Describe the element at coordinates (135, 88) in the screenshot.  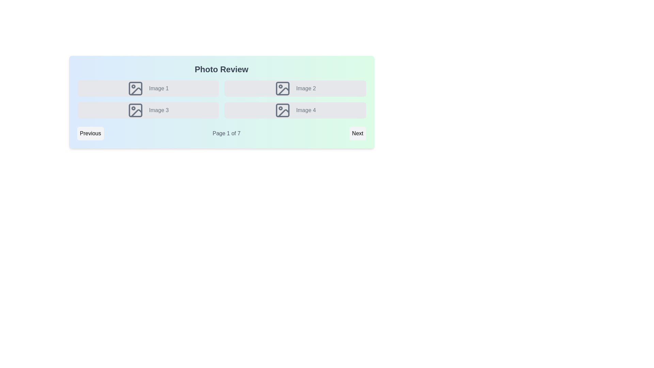
I see `the SVG icon representing the image placeholder labeled 'Image 1' located in the top left corner of the 'Photo Review' grid` at that location.